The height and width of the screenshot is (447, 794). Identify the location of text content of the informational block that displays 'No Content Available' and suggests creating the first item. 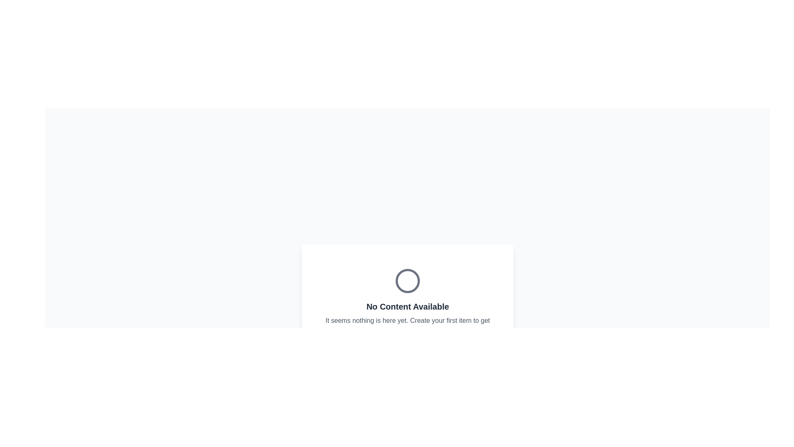
(407, 302).